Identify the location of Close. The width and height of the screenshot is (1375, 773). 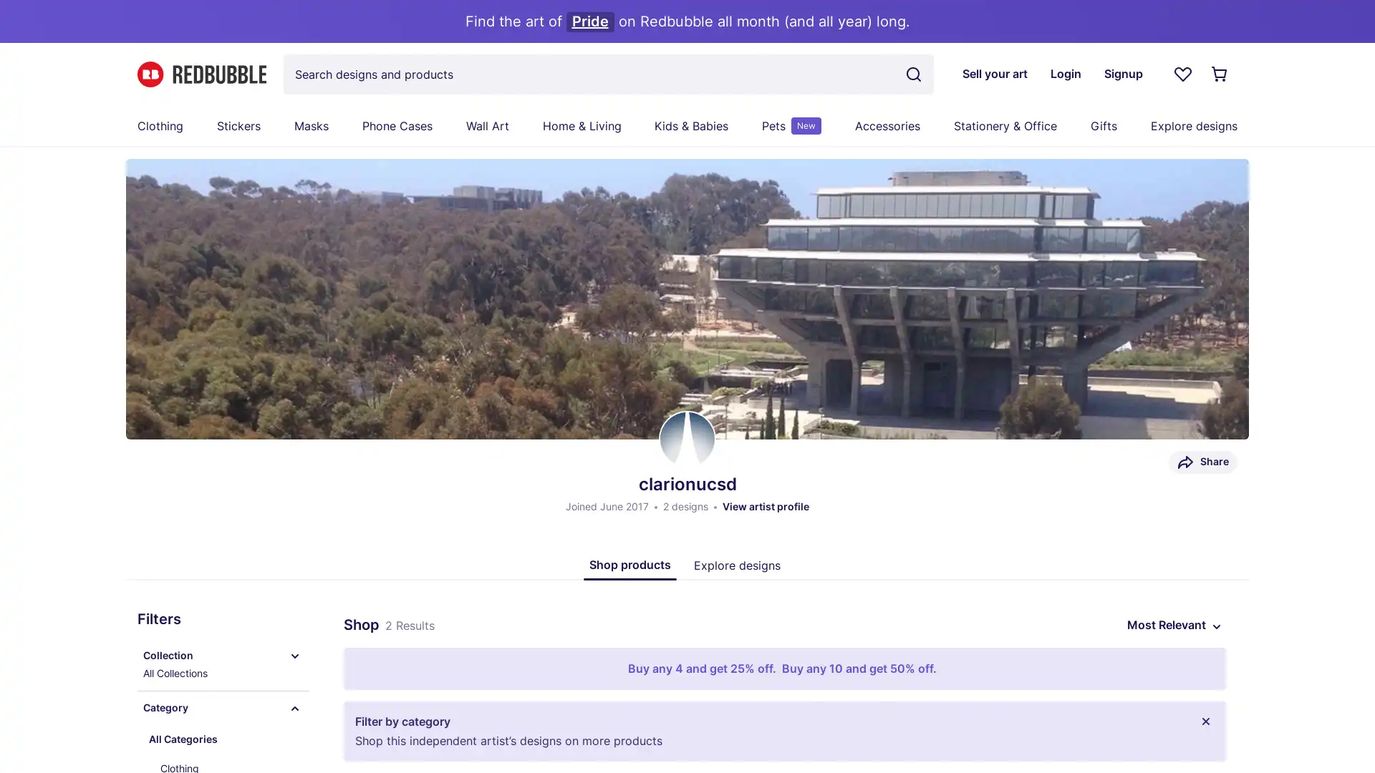
(1205, 721).